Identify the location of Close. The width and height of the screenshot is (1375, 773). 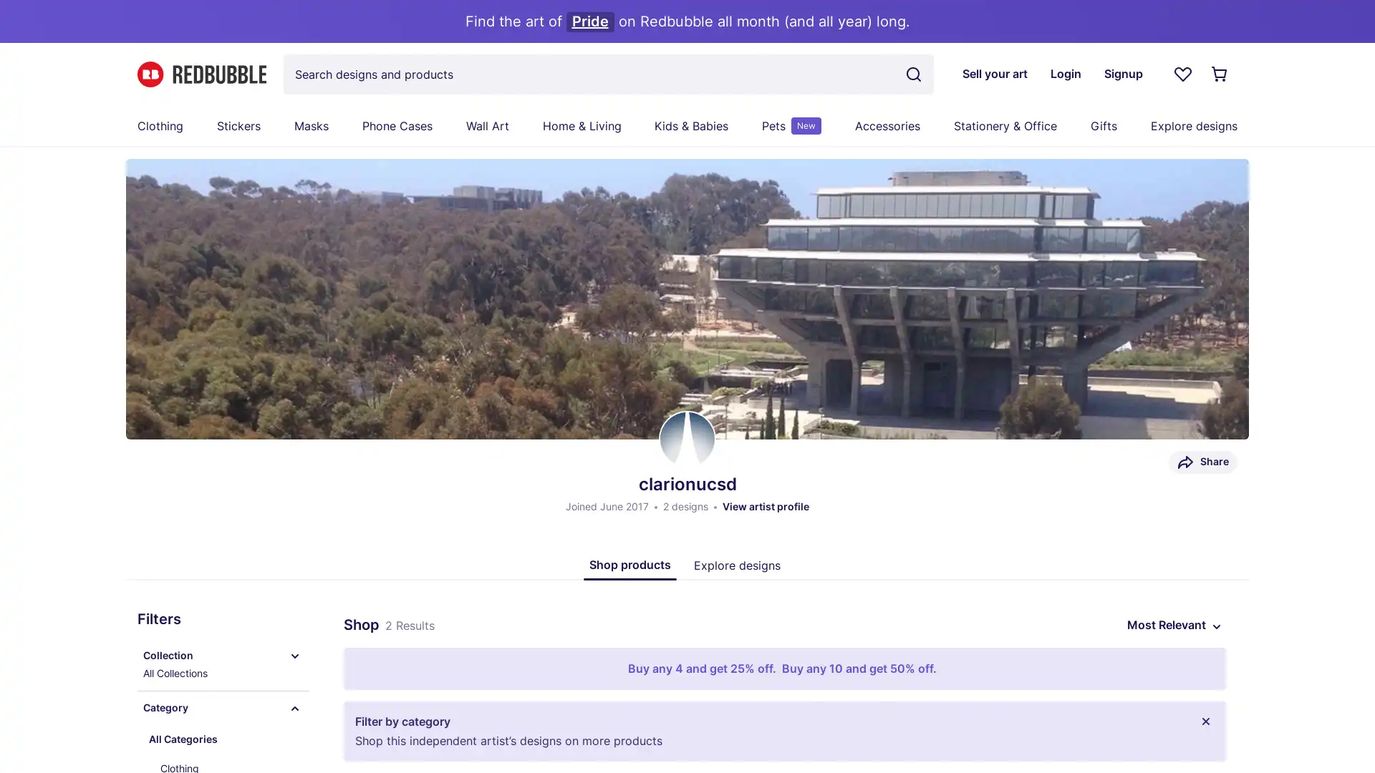
(1205, 721).